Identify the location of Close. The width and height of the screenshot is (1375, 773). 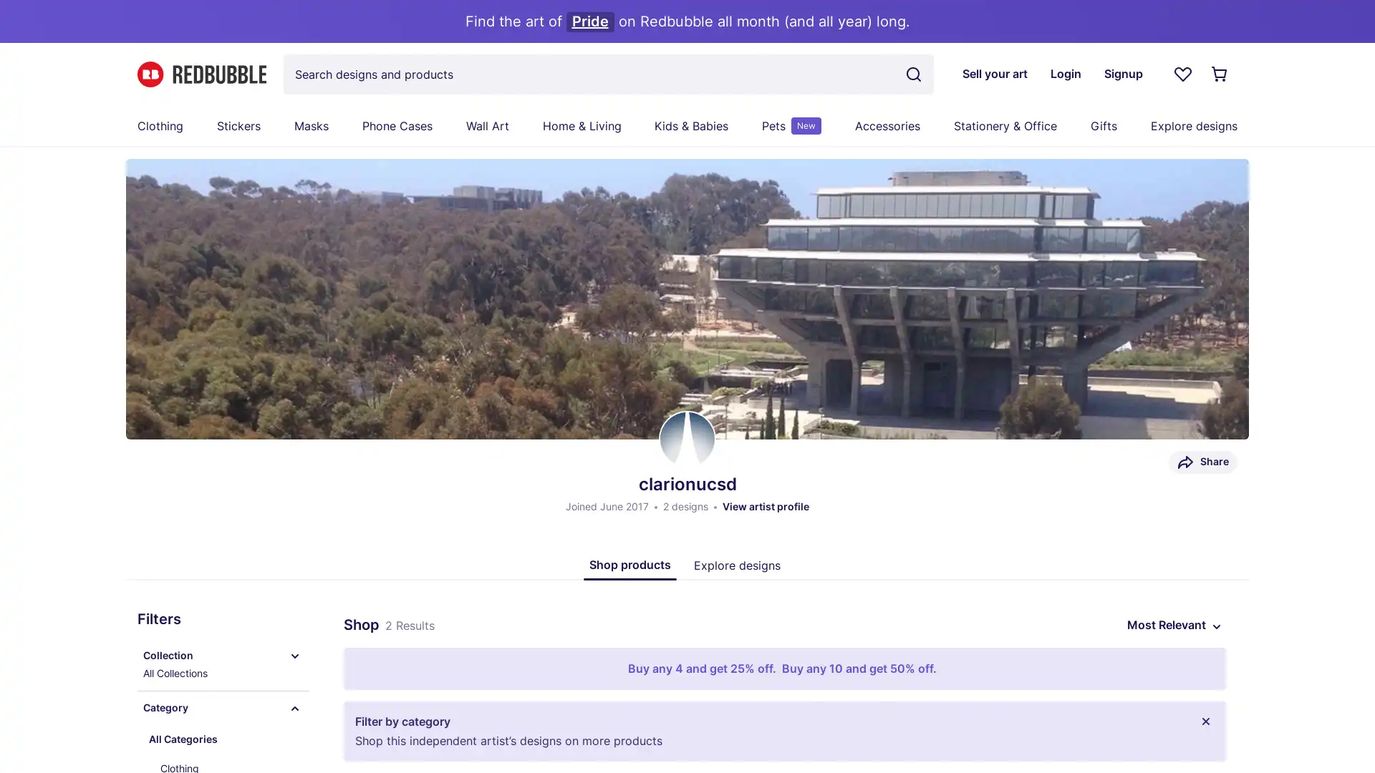
(1205, 721).